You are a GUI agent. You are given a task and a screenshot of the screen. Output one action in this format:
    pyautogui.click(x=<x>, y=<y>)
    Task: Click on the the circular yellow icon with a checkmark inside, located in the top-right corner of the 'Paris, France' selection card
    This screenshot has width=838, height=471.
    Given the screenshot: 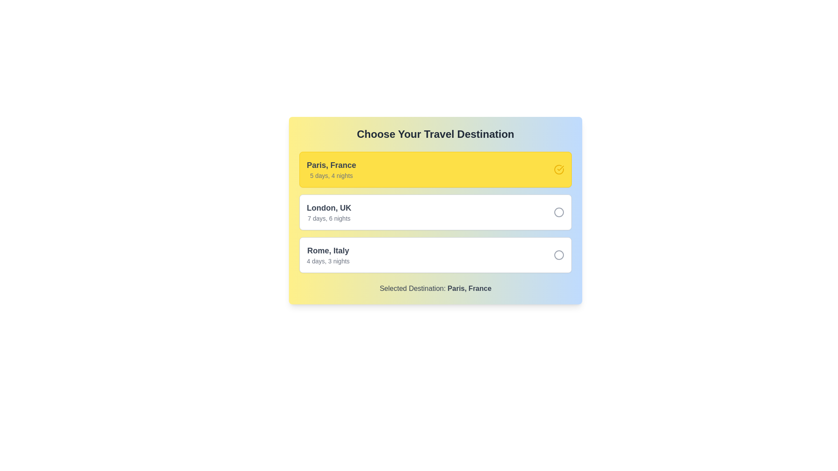 What is the action you would take?
    pyautogui.click(x=559, y=170)
    